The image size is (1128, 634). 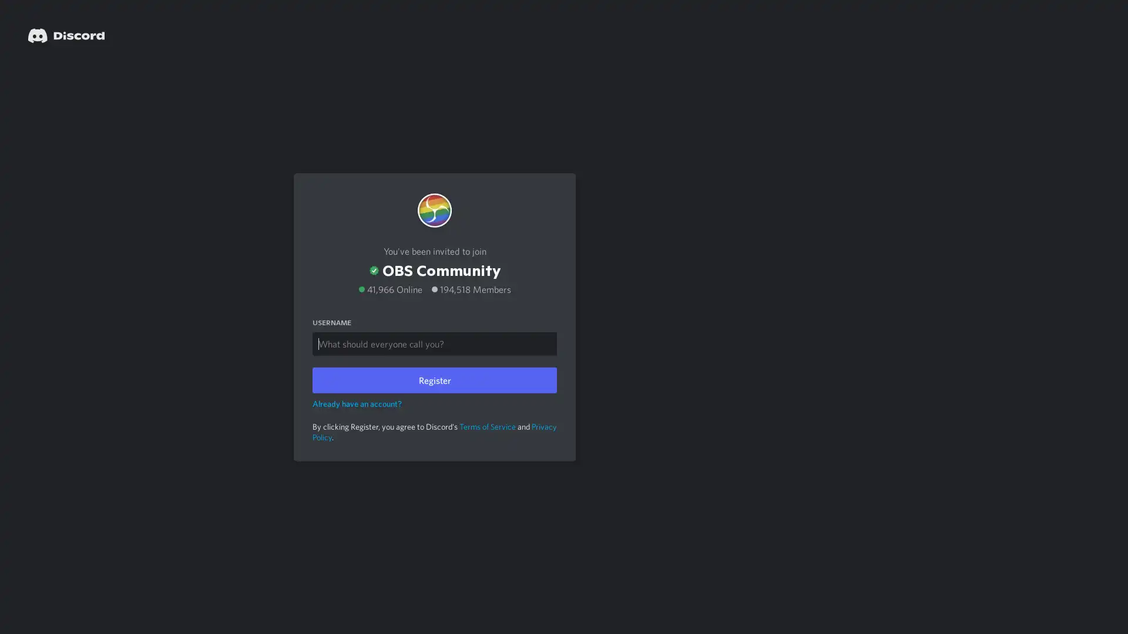 I want to click on Already have an account?, so click(x=357, y=402).